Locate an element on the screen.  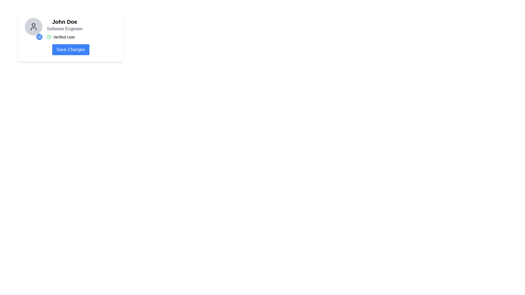
the non-interactive label indicating user verification located below 'John Doe' and 'Software Engineer', aligned to the left of the 'Save Changes' button is located at coordinates (65, 37).